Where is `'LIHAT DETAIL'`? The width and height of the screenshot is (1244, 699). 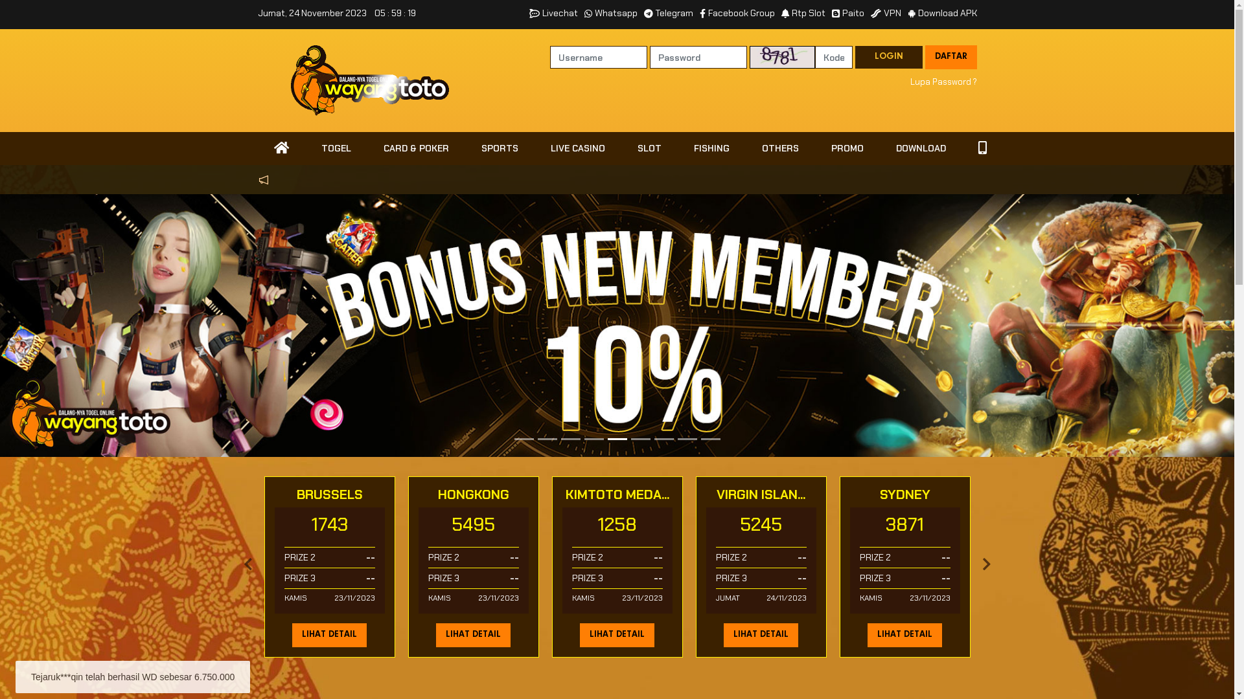 'LIHAT DETAIL' is located at coordinates (904, 634).